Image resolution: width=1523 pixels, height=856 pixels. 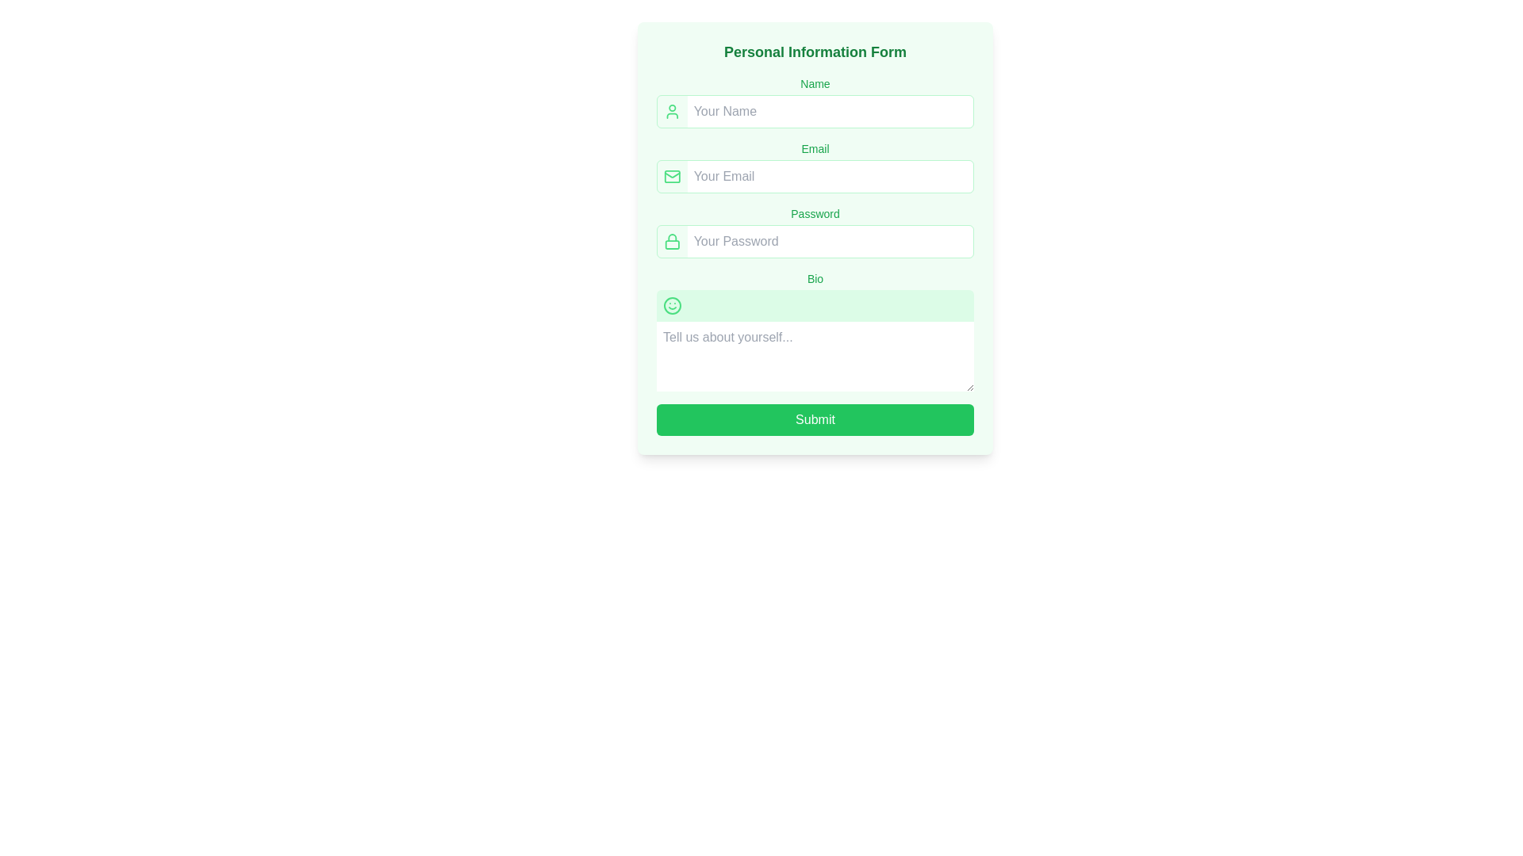 I want to click on the mail icon, which is an outlined envelope in a green color scheme, located to the left of the 'Your Email' input box, so click(x=672, y=177).